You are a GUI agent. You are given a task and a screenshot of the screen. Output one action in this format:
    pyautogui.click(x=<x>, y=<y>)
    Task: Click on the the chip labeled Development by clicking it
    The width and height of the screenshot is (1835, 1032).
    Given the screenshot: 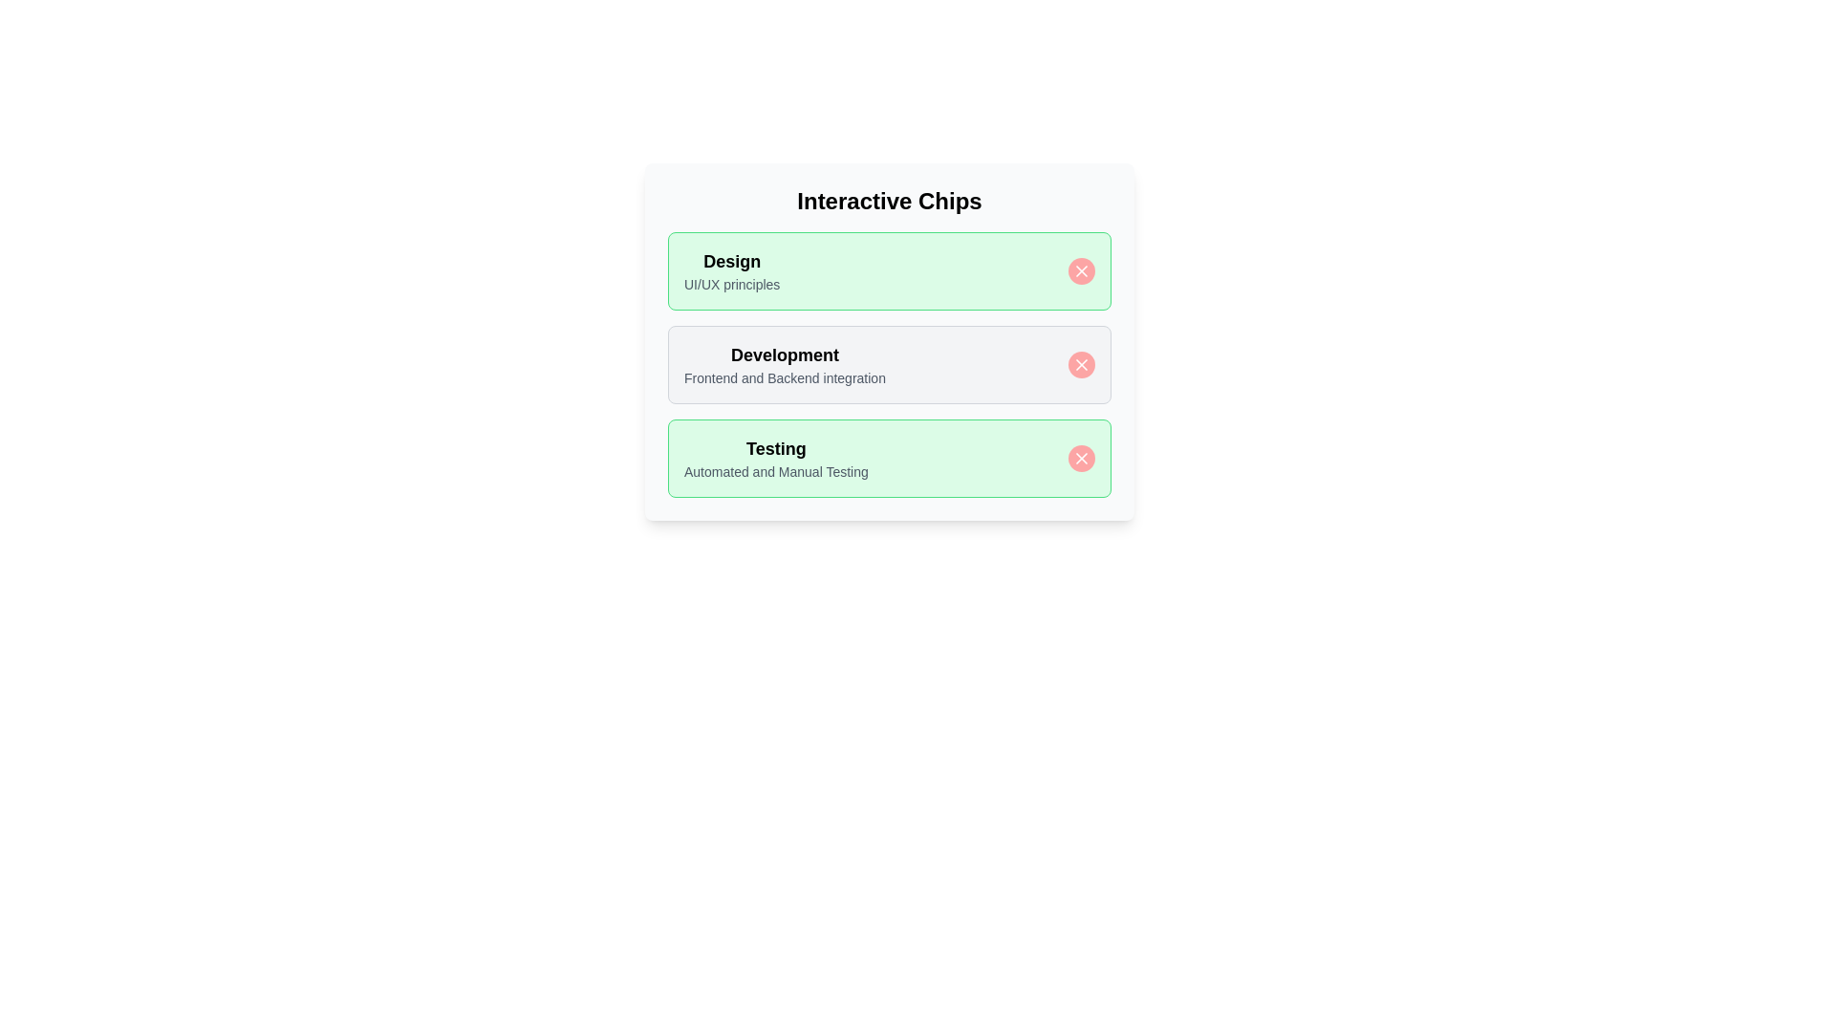 What is the action you would take?
    pyautogui.click(x=889, y=364)
    